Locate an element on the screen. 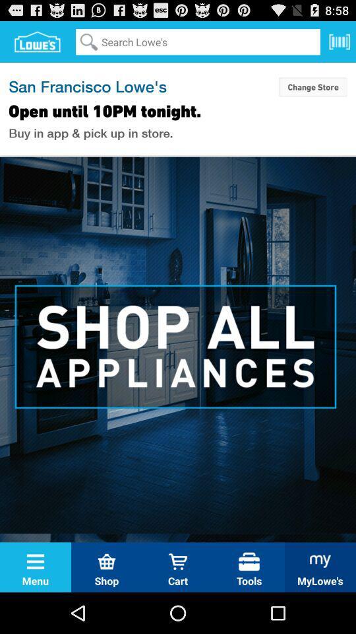 This screenshot has width=356, height=634. the basket symbol above the shop is located at coordinates (106, 561).